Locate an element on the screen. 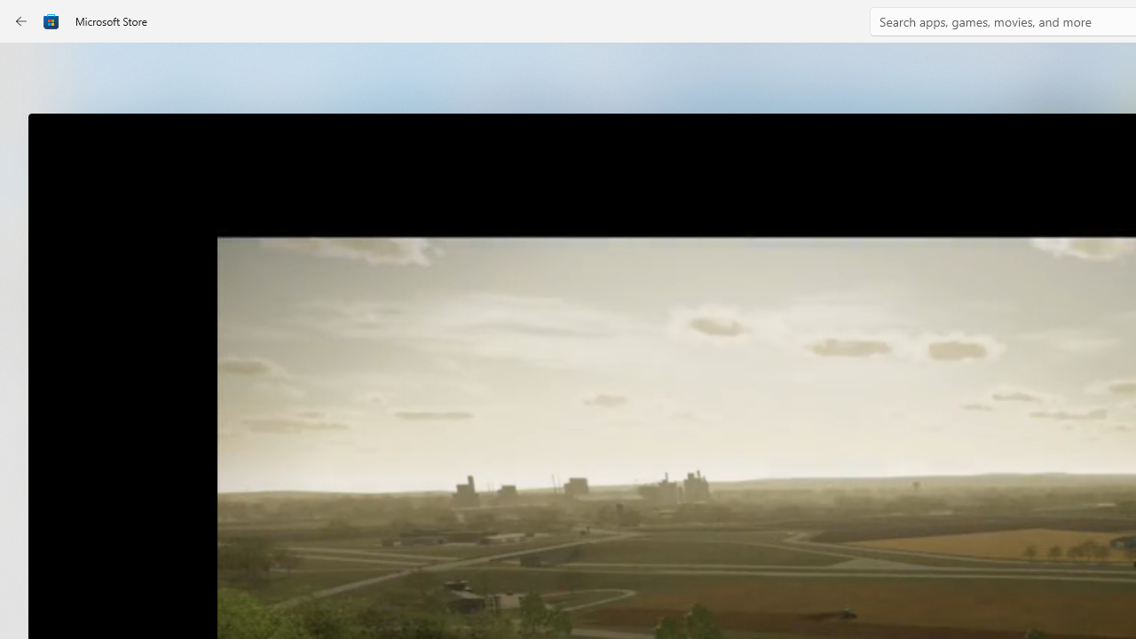 The image size is (1136, 639). 'Back' is located at coordinates (21, 21).